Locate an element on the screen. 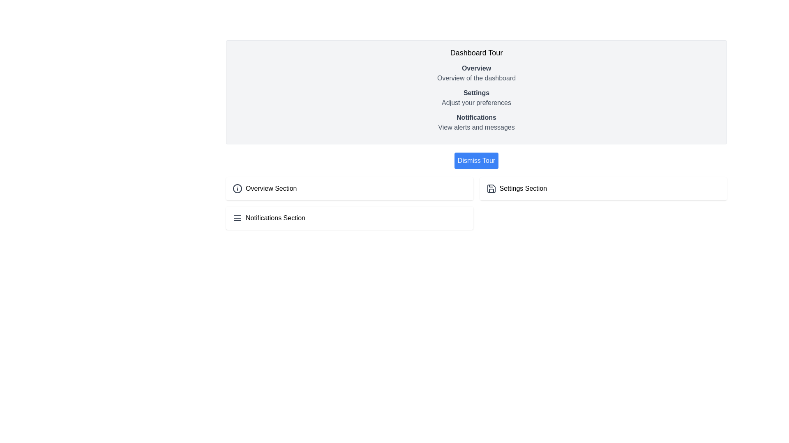  the 'Overview Section' text label that is styled in a clean and readable font, located within a horizontally oriented card component in the upper-left part of a lower section, positioned to the right of an information icon is located at coordinates (271, 188).